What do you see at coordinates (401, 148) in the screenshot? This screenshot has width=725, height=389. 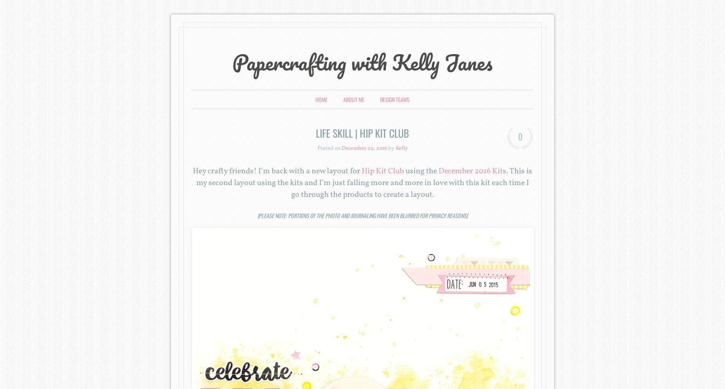 I see `'Kelly'` at bounding box center [401, 148].